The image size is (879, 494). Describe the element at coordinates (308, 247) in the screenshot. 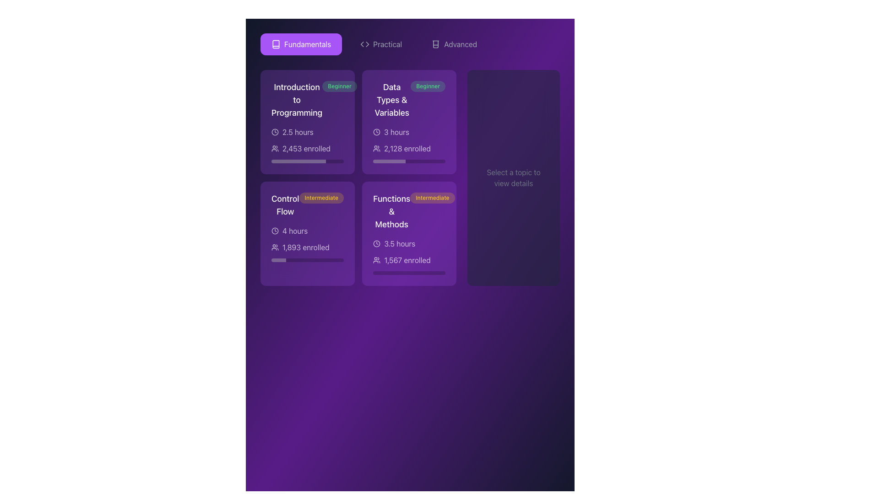

I see `the text label that reads '1,893 enrolled' with an accompanying group icon, located within the 'Control Flow' card, beneath the '4 hours' label and above a horizontal progress bar` at that location.